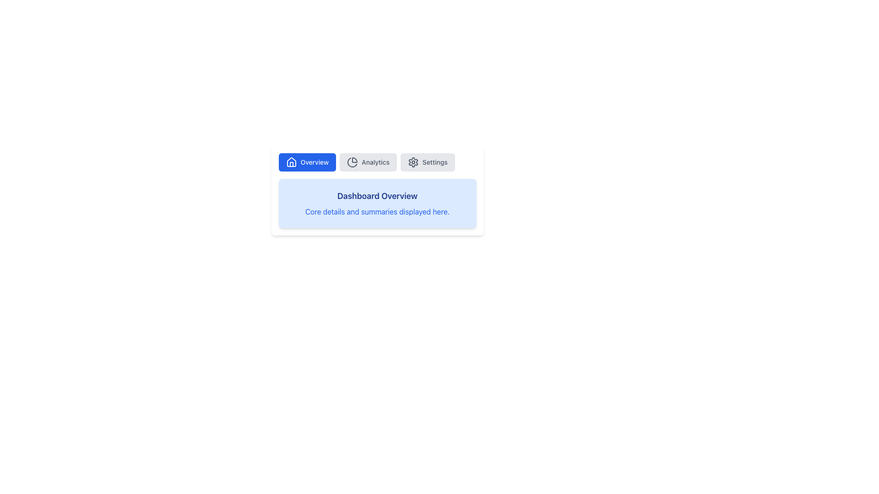 This screenshot has width=879, height=494. What do you see at coordinates (412, 161) in the screenshot?
I see `the cogwheel icon representing 'Settings' in the toolbar` at bounding box center [412, 161].